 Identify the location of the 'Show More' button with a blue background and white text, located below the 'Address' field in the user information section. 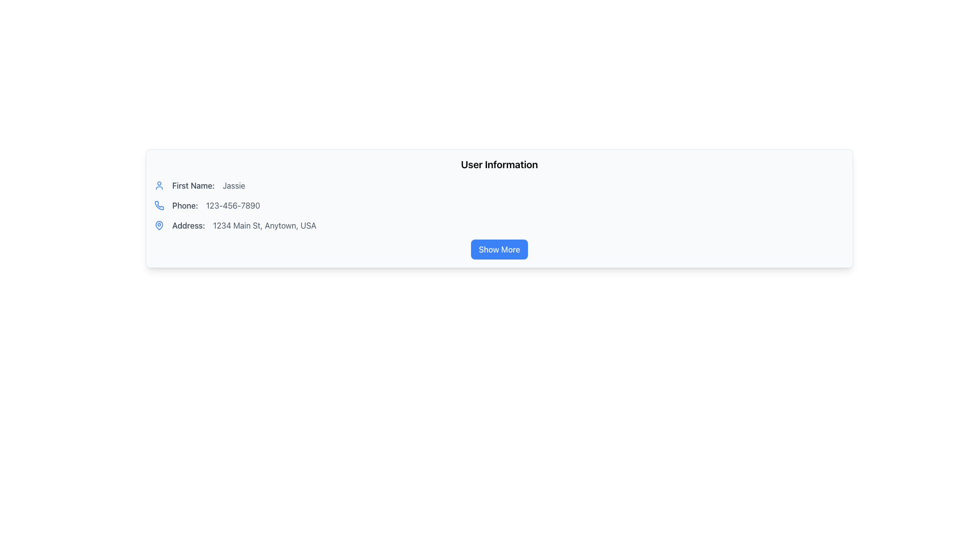
(499, 249).